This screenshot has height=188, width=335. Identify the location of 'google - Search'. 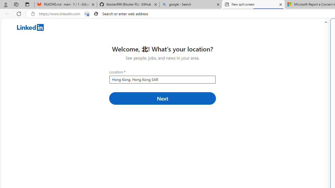
(191, 4).